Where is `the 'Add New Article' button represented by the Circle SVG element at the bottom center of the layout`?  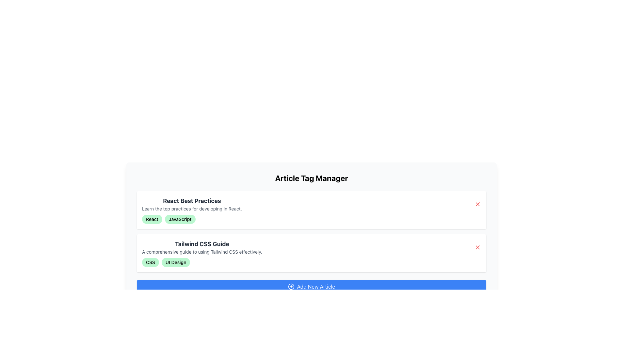 the 'Add New Article' button represented by the Circle SVG element at the bottom center of the layout is located at coordinates (291, 286).